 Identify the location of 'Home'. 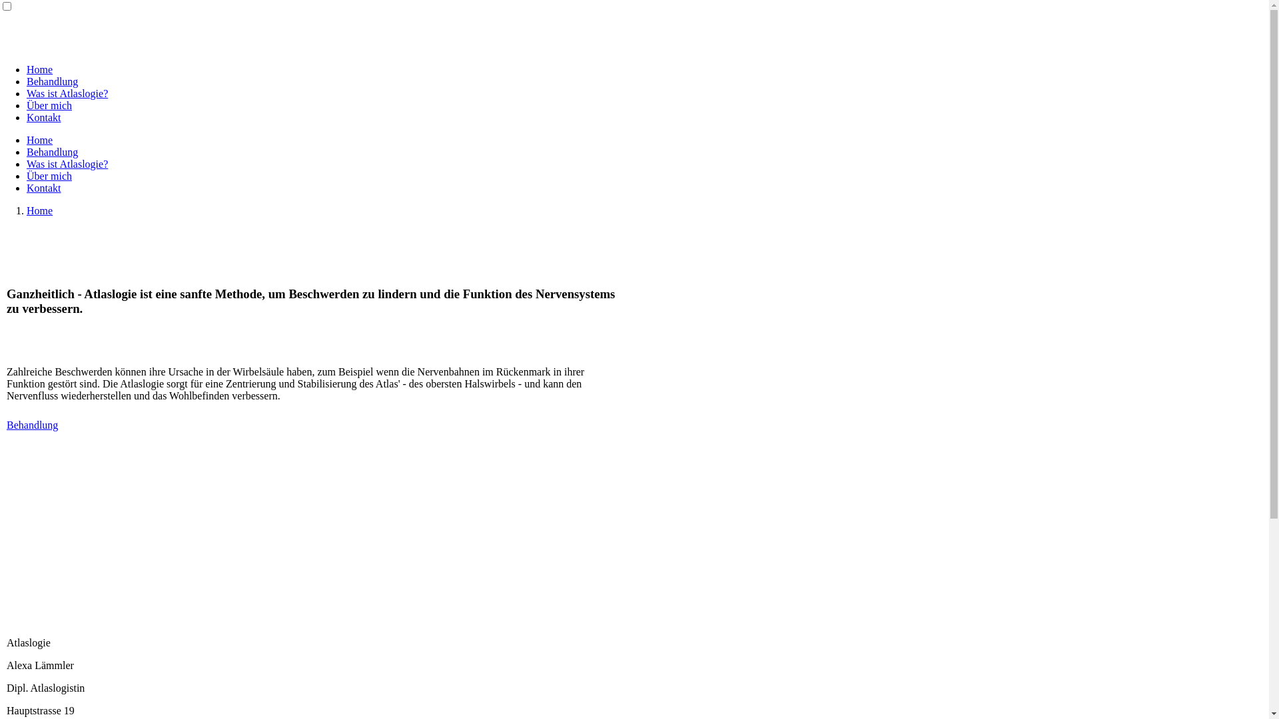
(39, 210).